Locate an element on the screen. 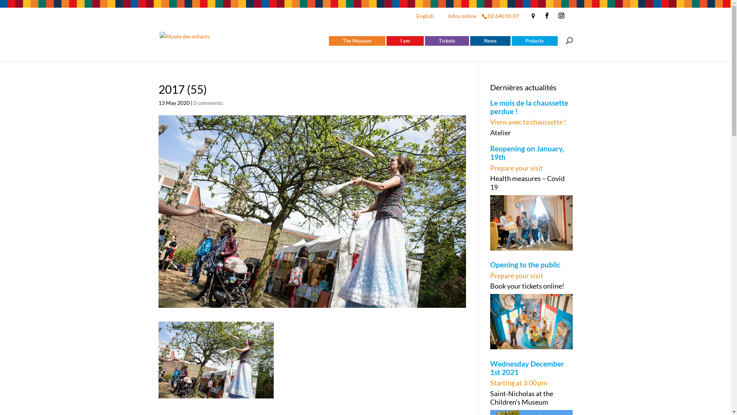  '02 640 01 07' is located at coordinates (502, 16).